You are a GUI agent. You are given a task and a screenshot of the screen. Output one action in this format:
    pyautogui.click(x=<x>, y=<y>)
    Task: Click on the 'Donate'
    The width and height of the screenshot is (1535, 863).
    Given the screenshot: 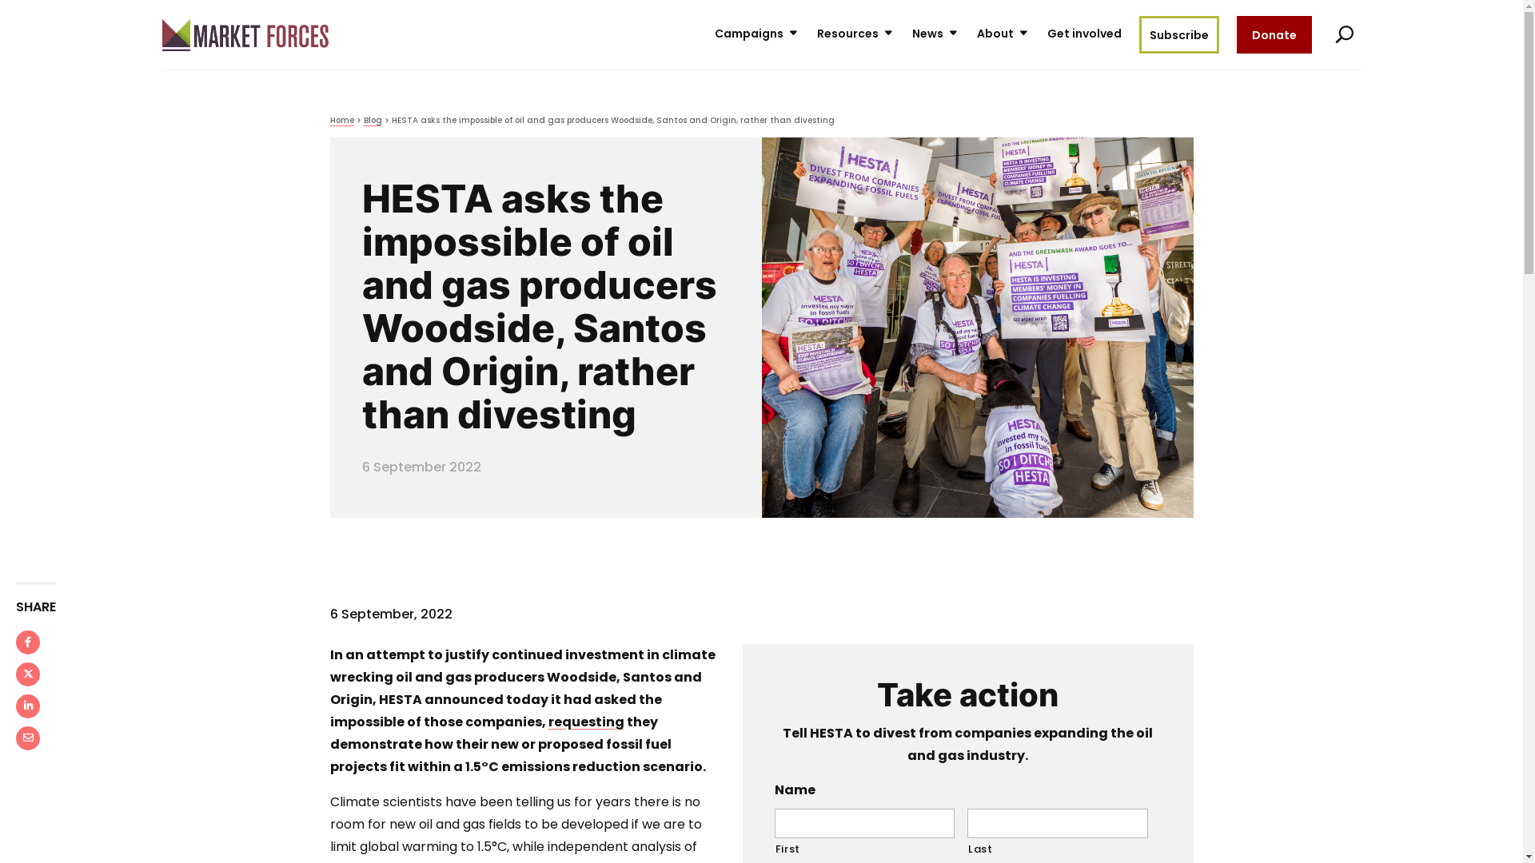 What is the action you would take?
    pyautogui.click(x=1273, y=34)
    